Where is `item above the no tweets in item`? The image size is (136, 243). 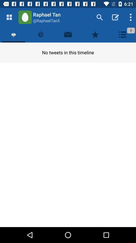
item above the no tweets in item is located at coordinates (68, 34).